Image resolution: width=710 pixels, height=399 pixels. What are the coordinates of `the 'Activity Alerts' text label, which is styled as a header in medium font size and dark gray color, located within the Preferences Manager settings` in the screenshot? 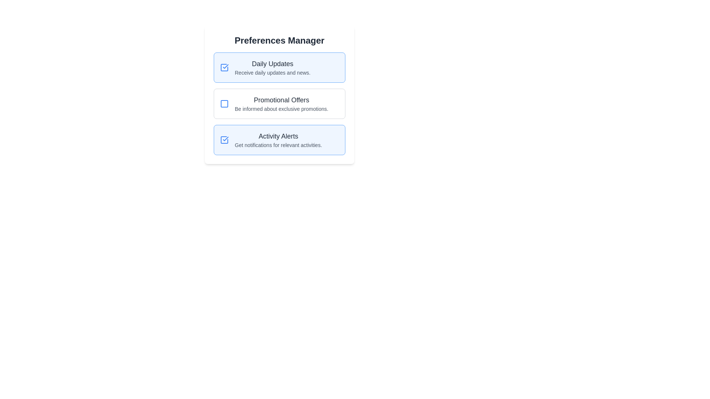 It's located at (278, 136).